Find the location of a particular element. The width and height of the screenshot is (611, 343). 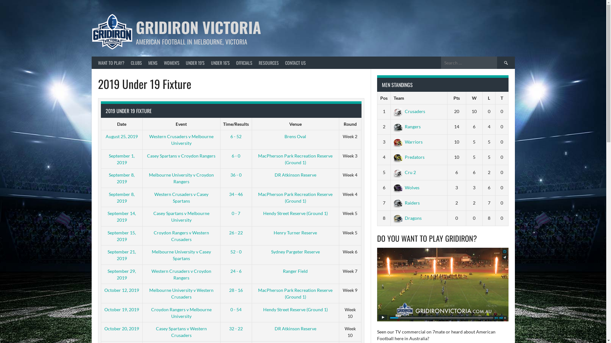

'6 - 0' is located at coordinates (231, 156).